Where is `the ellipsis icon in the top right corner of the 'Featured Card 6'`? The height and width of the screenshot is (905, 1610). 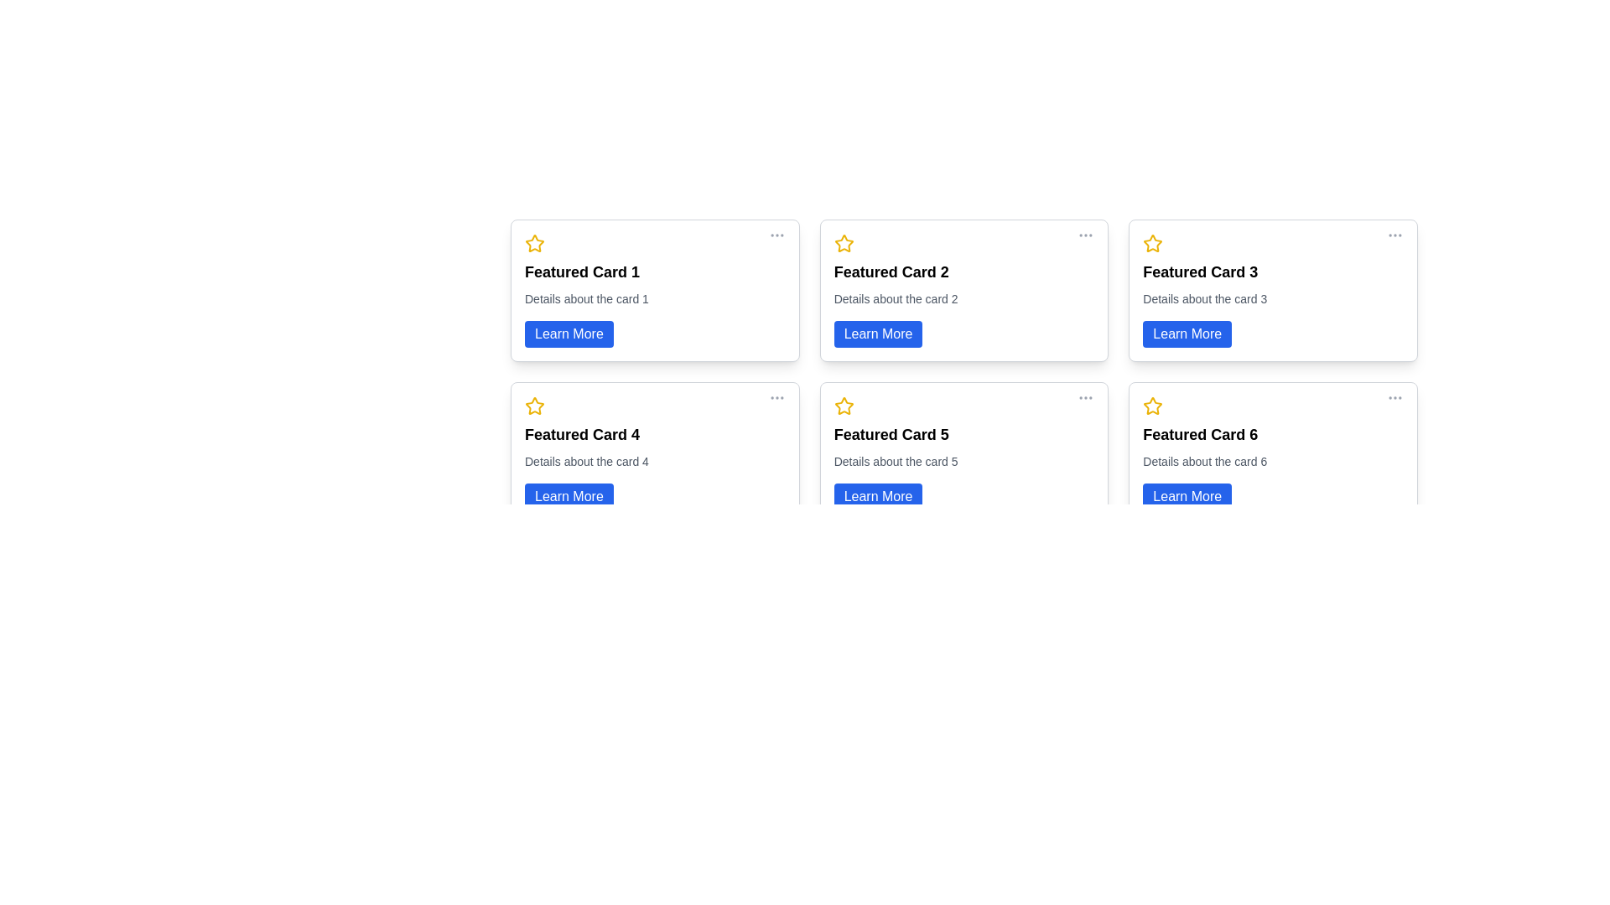 the ellipsis icon in the top right corner of the 'Featured Card 6' is located at coordinates (1395, 397).